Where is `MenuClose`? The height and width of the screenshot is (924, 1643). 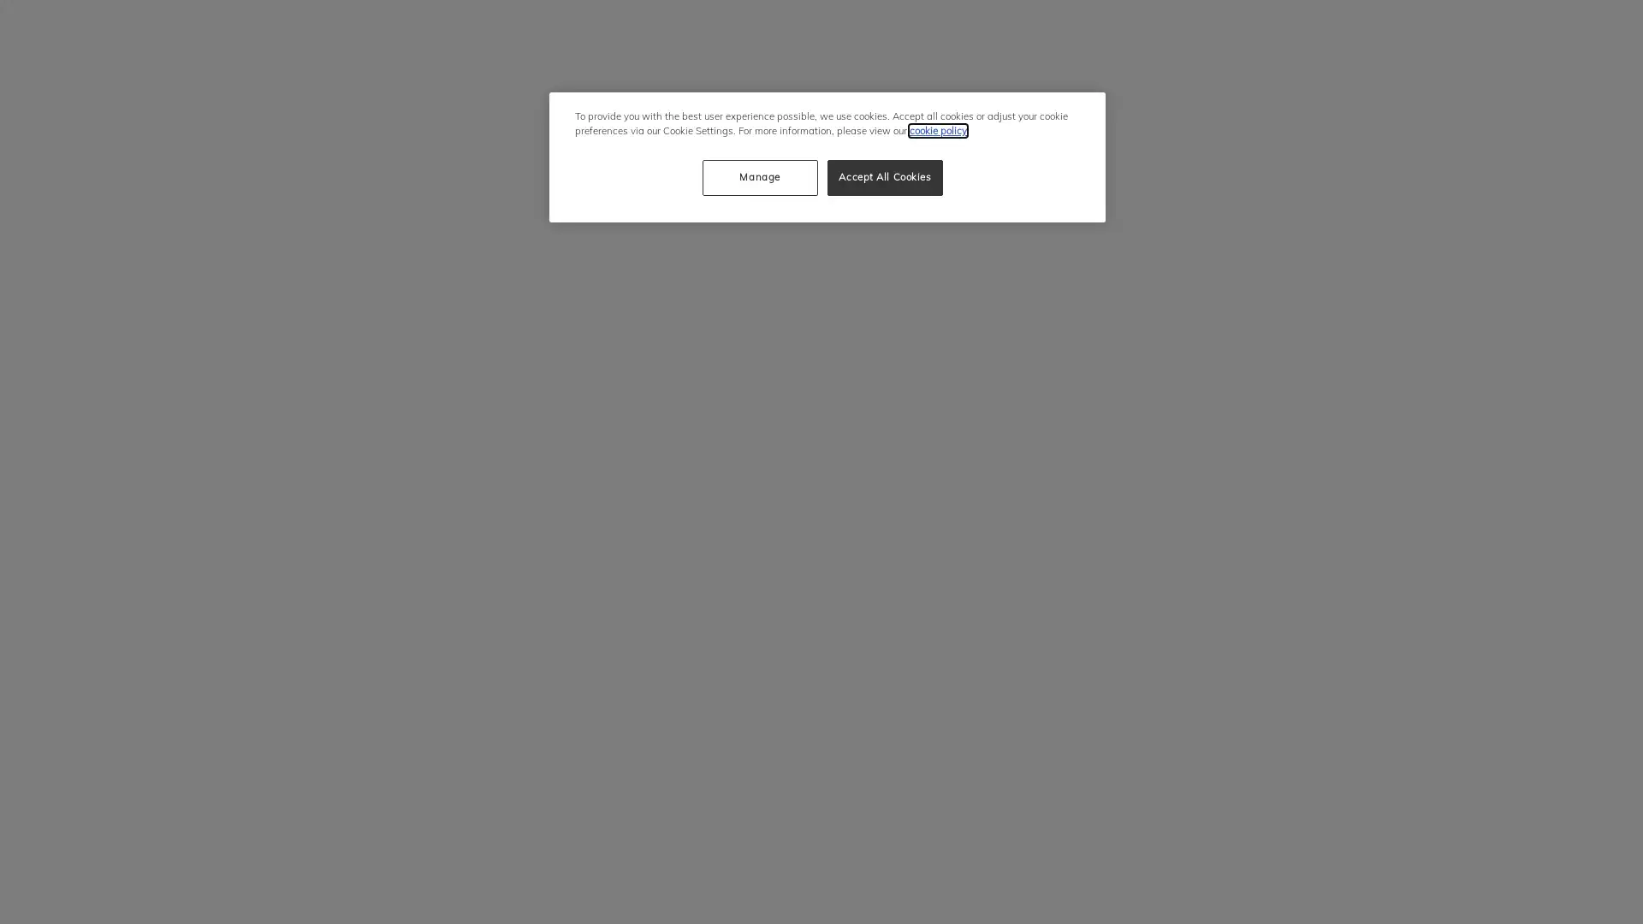
MenuClose is located at coordinates (1273, 26).